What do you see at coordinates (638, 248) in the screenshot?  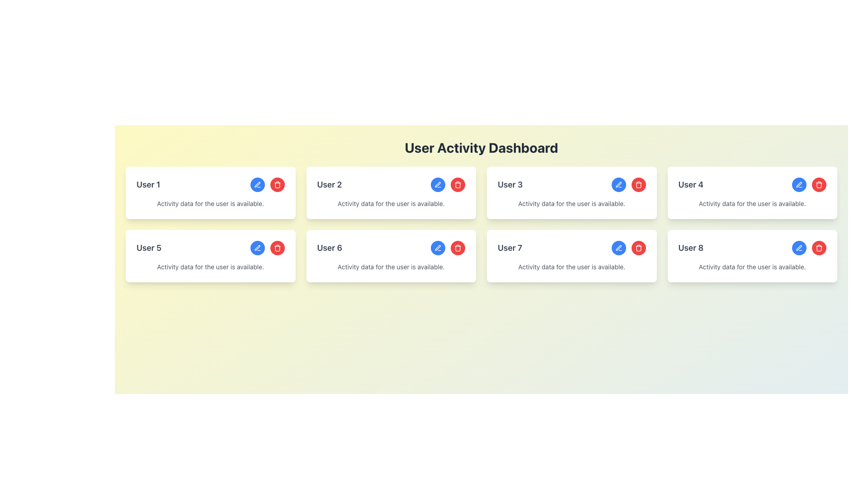 I see `the trash bin icon button located within the 'User 8' card` at bounding box center [638, 248].